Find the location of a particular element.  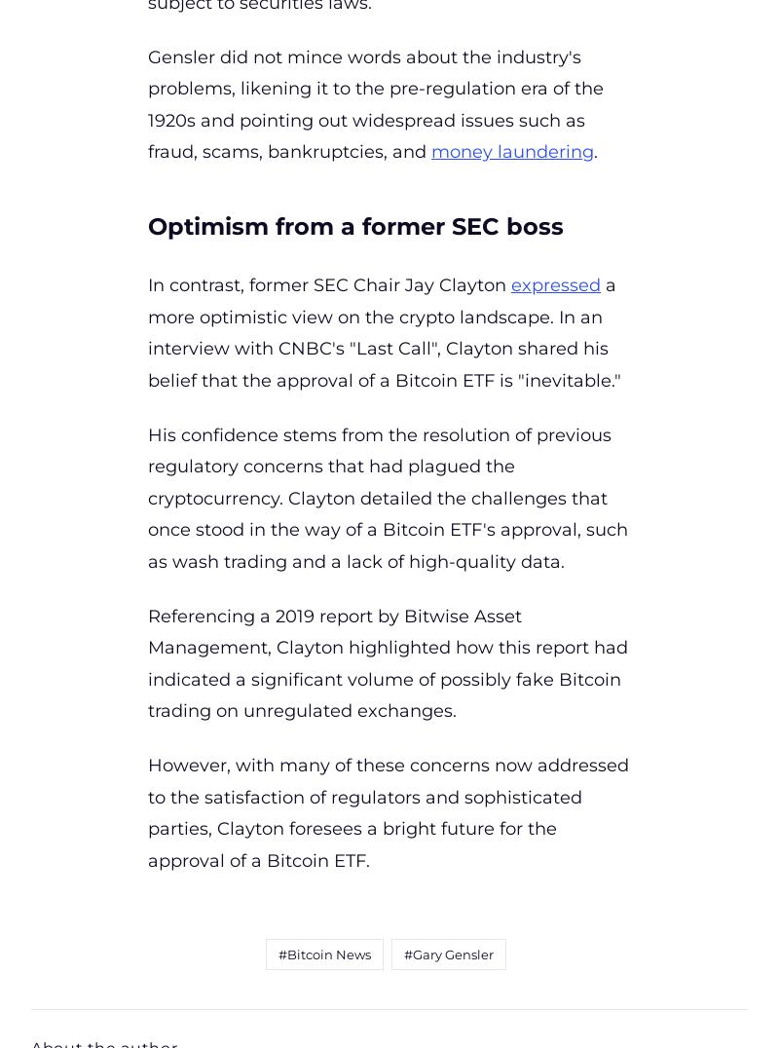

'Referencing a 2019 report by Bitwise Asset Management, Clayton highlighted how this report had indicated a significant volume of possibly fake Bitcoin trading on unregulated exchanges.' is located at coordinates (387, 663).